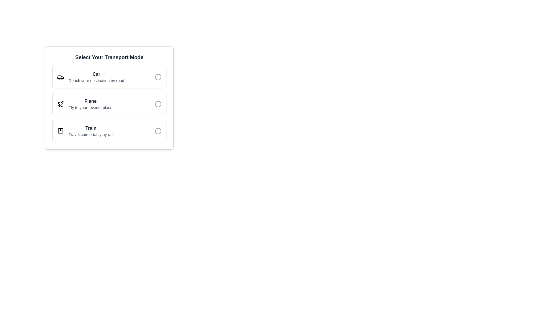  I want to click on the car icon, which is the first icon in the transport mode selection list, styled as a minimal black outline with rounded corners and two circular shapes indicating wheels, so click(61, 77).